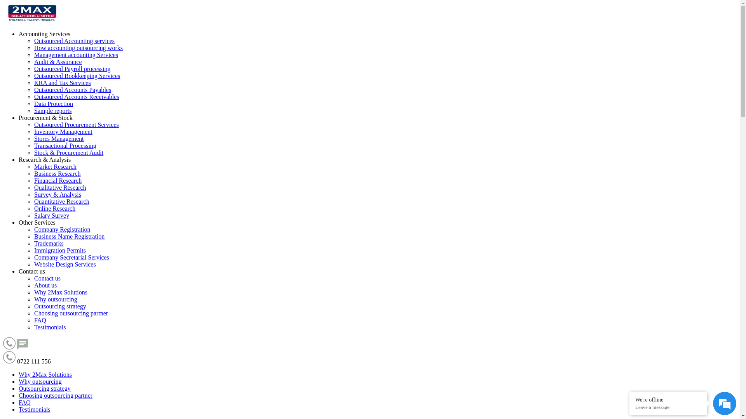  Describe the element at coordinates (33, 89) in the screenshot. I see `'Outsourced Accounts Payables'` at that location.